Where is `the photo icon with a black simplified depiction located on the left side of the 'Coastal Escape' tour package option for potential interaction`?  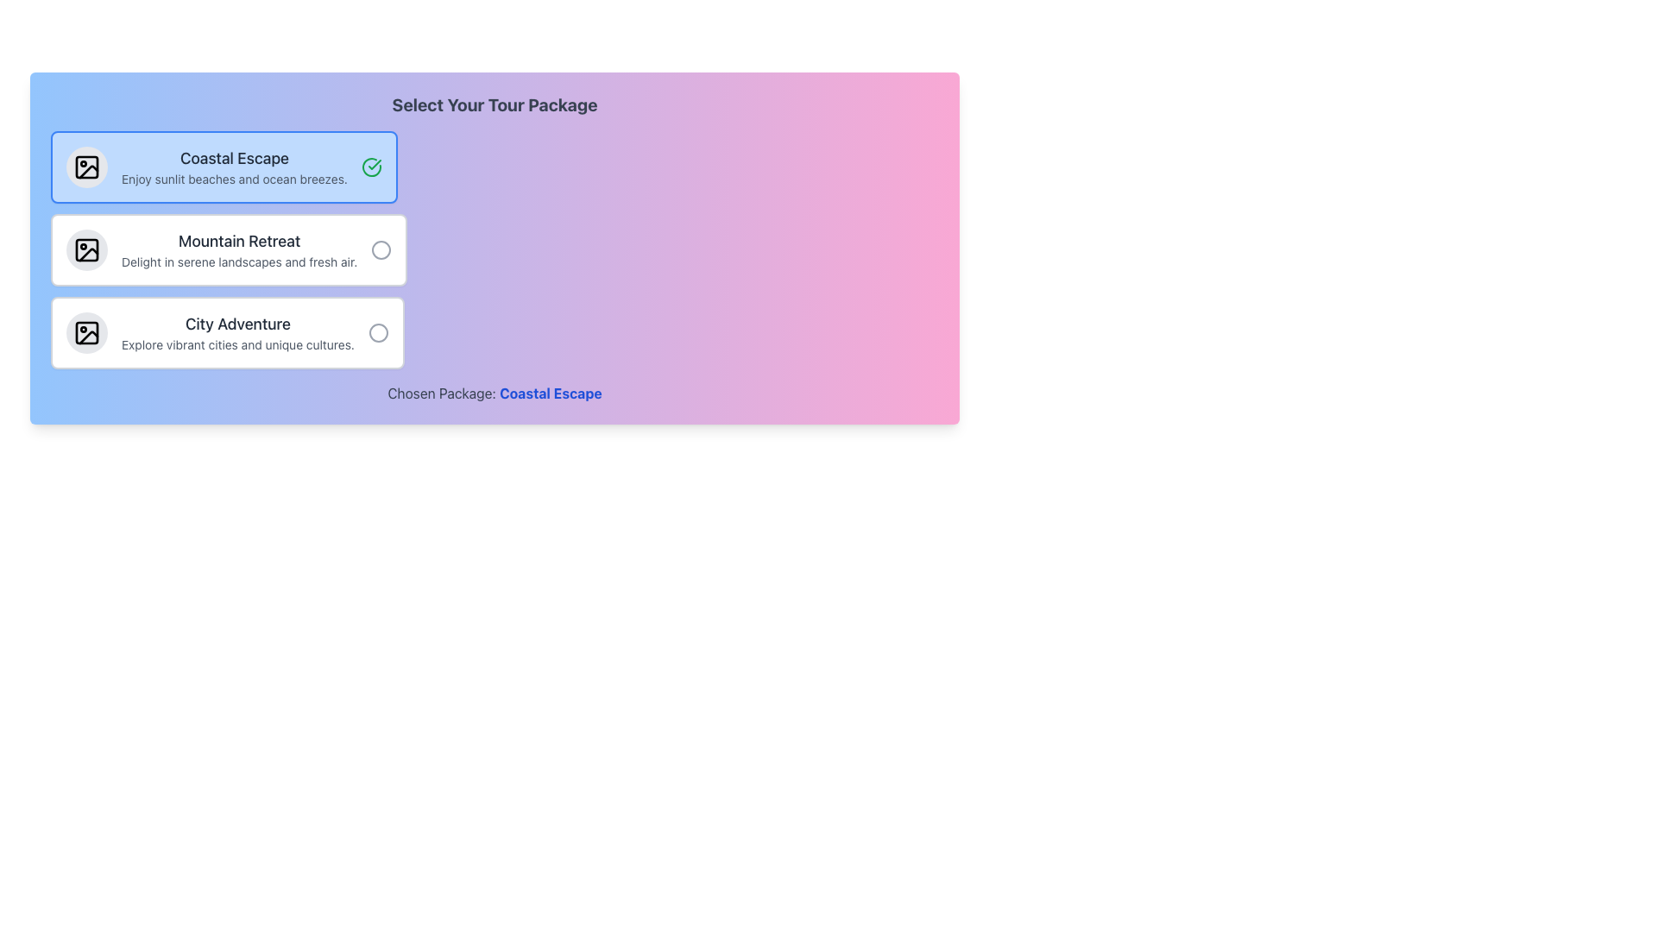 the photo icon with a black simplified depiction located on the left side of the 'Coastal Escape' tour package option for potential interaction is located at coordinates (85, 167).